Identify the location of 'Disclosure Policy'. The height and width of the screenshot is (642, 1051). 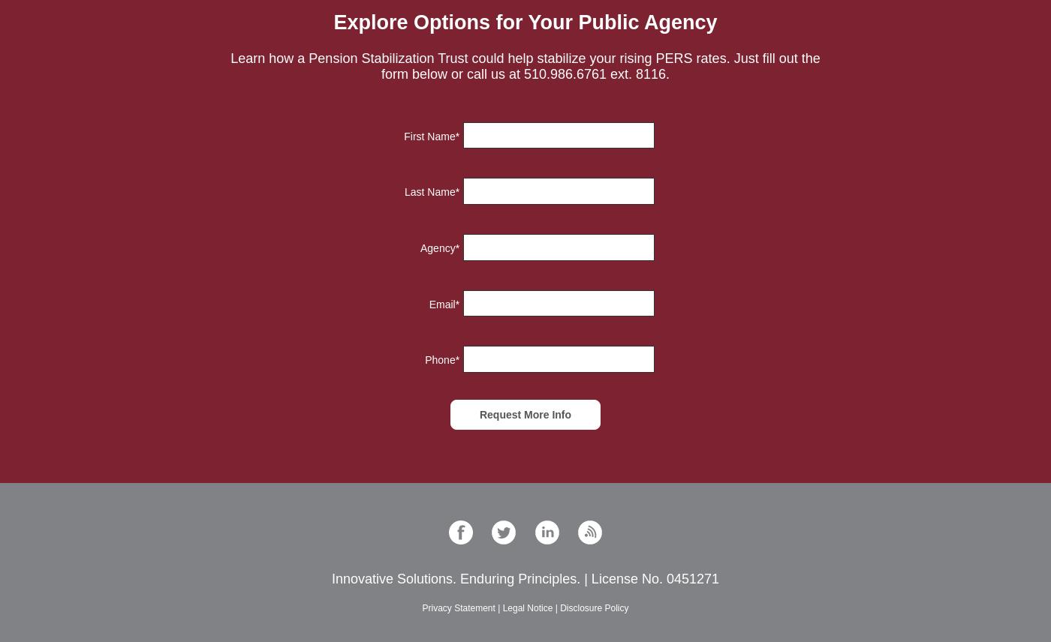
(593, 607).